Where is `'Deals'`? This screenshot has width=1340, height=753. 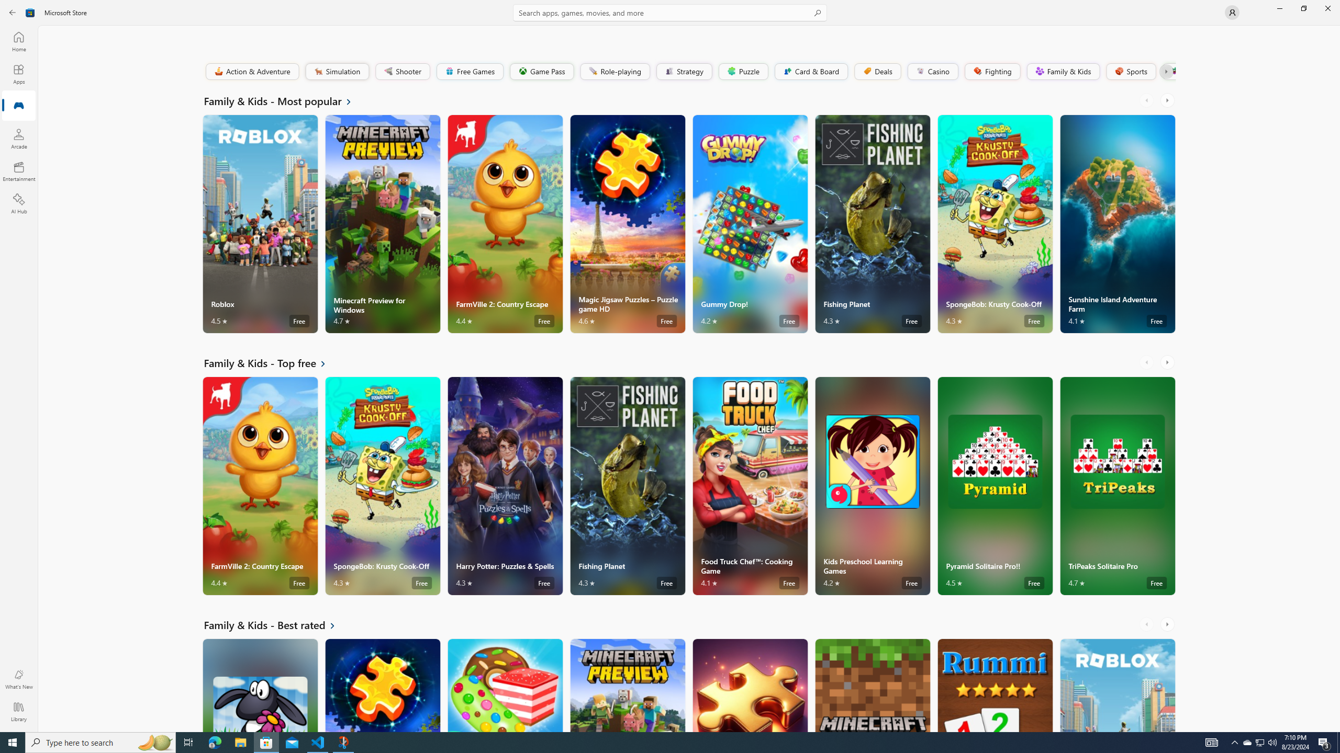
'Deals' is located at coordinates (877, 71).